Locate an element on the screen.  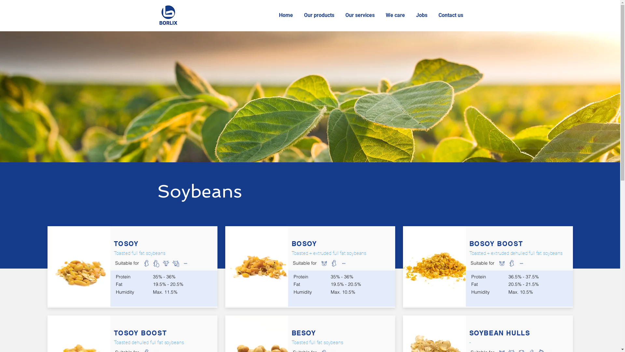
'Layers' is located at coordinates (156, 262).